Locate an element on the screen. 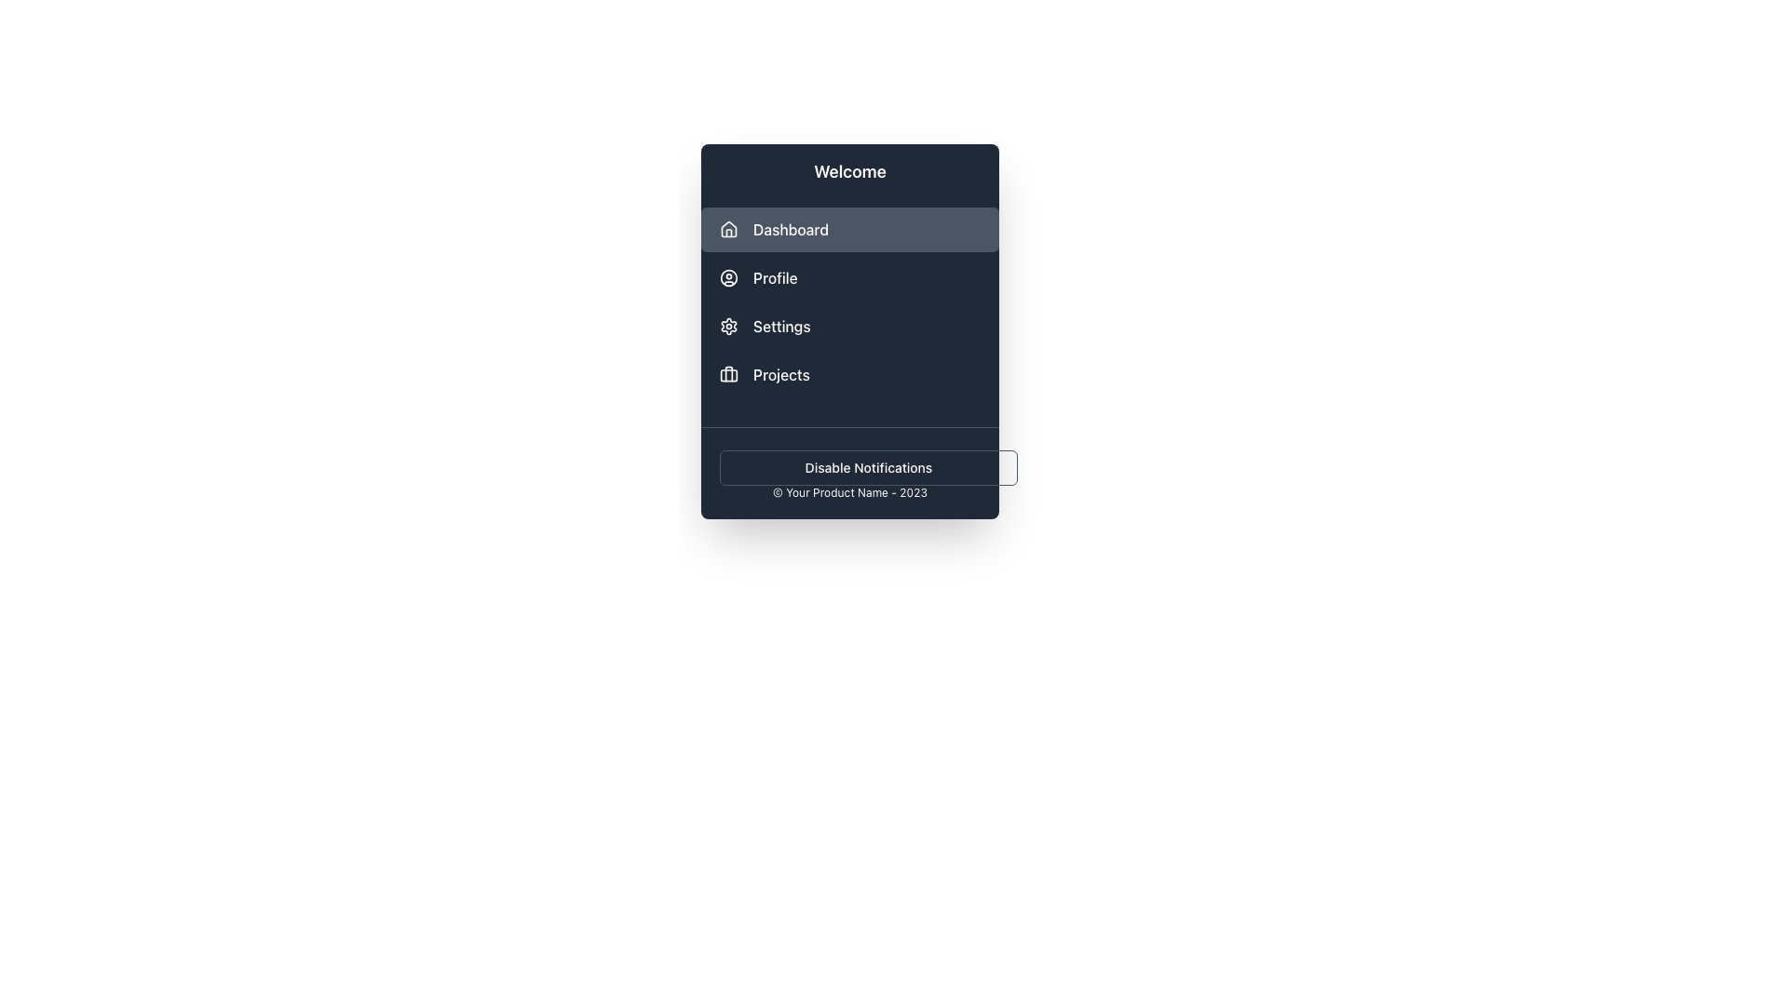 This screenshot has width=1788, height=1005. the 'Settings' text label, which is displayed in white on a dark background and positioned to the right of a gear icon in the sidebar menu is located at coordinates (781, 326).